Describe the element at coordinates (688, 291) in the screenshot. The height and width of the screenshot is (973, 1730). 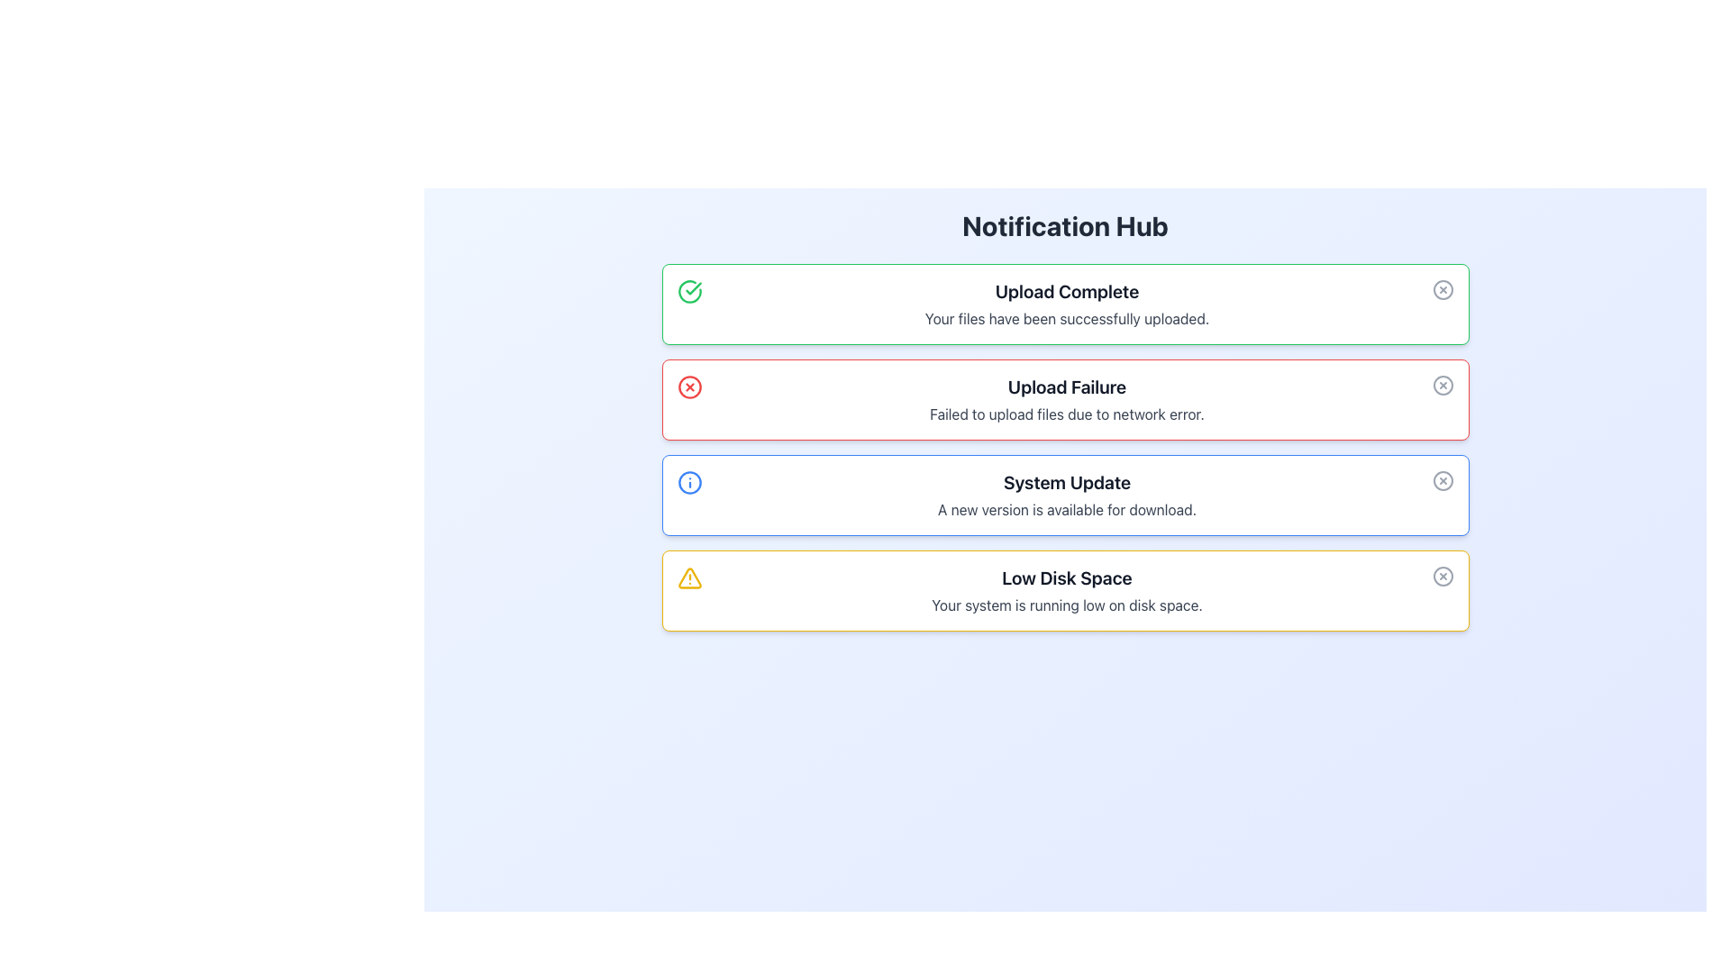
I see `the circular icon with a green border and a checkmark in the center, located at the top-left corner of the 'Upload Complete' card` at that location.